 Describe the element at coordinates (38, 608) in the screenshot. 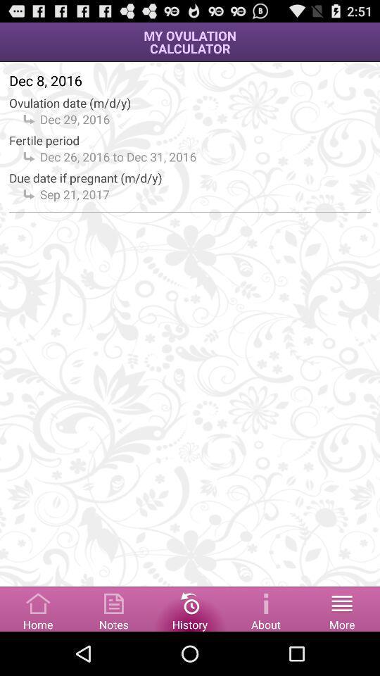

I see `click on home page button` at that location.